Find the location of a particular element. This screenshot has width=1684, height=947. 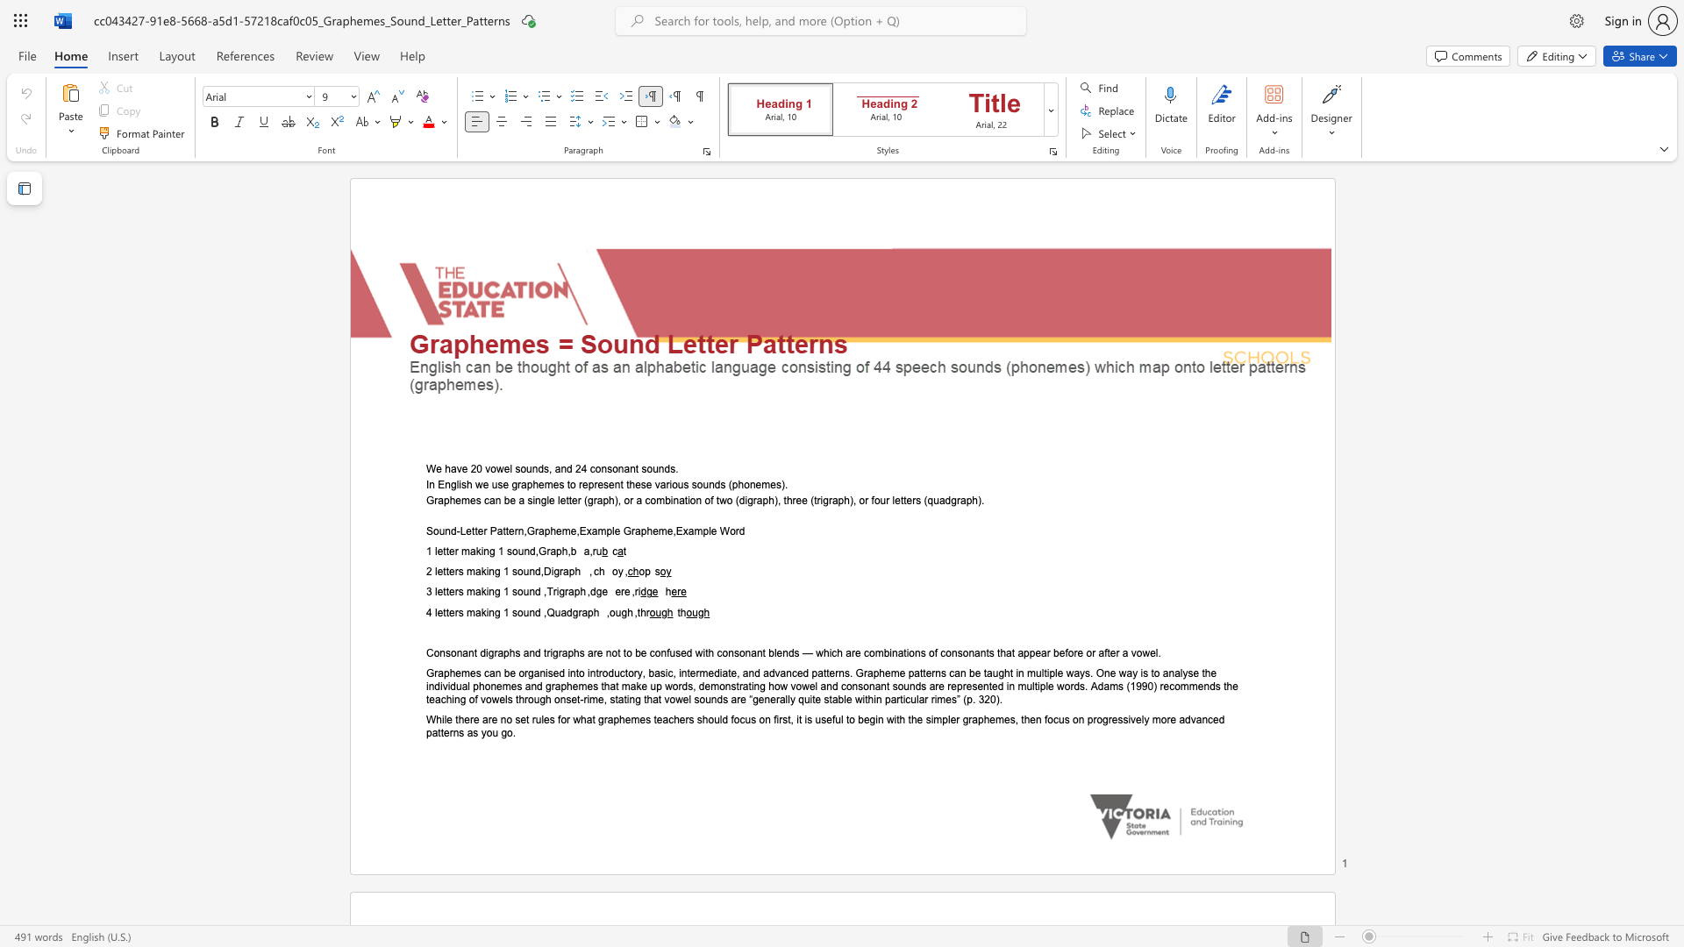

the subset text "sounds, and 24 consonant sounds" within the text "We have 20 vowel sounds, and 24 consonant sounds." is located at coordinates (514, 468).